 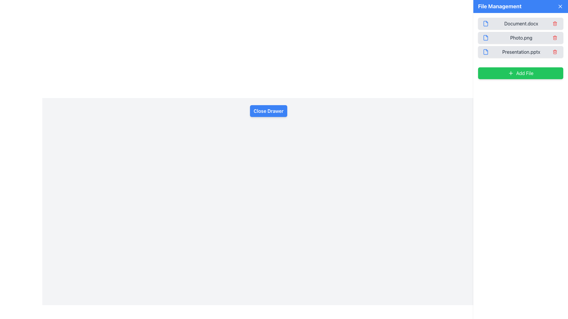 What do you see at coordinates (521, 23) in the screenshot?
I see `the 'Document.docx' file entry in the 'File Management' sidebar` at bounding box center [521, 23].